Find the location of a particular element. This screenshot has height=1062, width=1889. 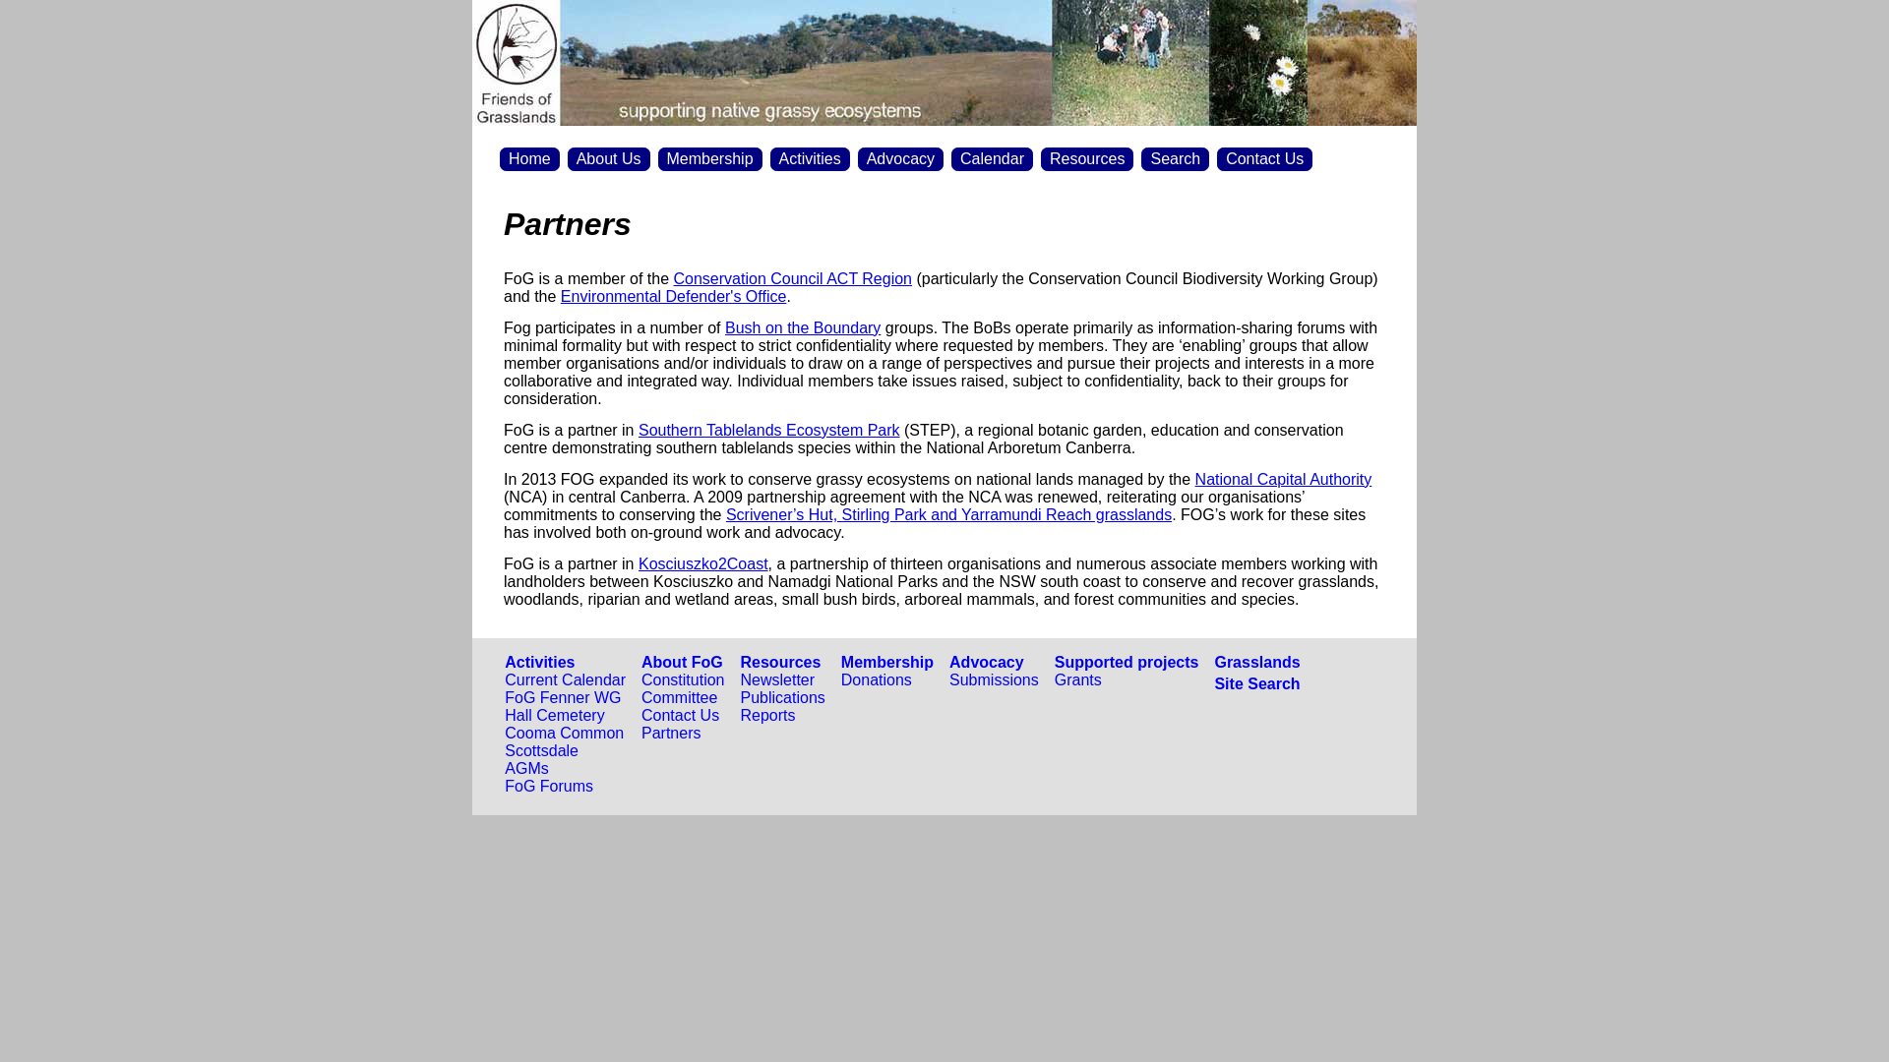

'Grants' is located at coordinates (1053, 678).